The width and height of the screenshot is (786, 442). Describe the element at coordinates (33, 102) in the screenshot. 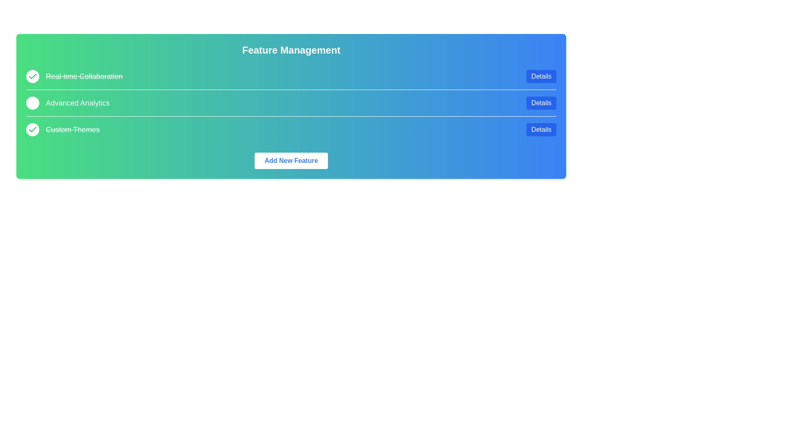

I see `the feature Advanced Analytics by clicking its circular checkbox` at that location.